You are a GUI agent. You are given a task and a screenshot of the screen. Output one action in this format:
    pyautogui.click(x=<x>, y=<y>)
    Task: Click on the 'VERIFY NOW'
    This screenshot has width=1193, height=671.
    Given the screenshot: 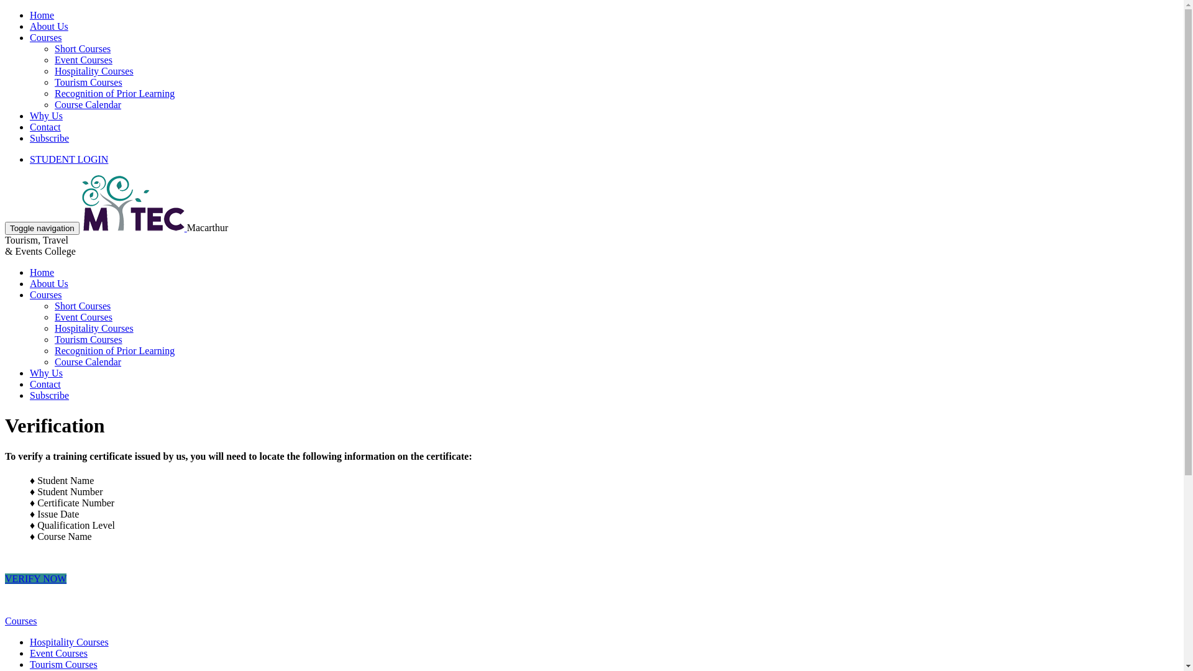 What is the action you would take?
    pyautogui.click(x=35, y=578)
    